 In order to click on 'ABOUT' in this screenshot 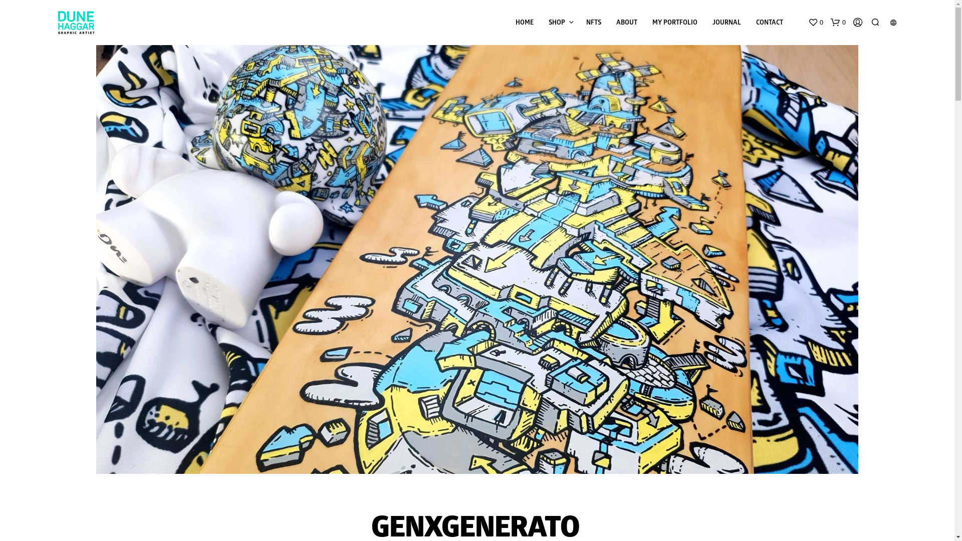, I will do `click(608, 23)`.